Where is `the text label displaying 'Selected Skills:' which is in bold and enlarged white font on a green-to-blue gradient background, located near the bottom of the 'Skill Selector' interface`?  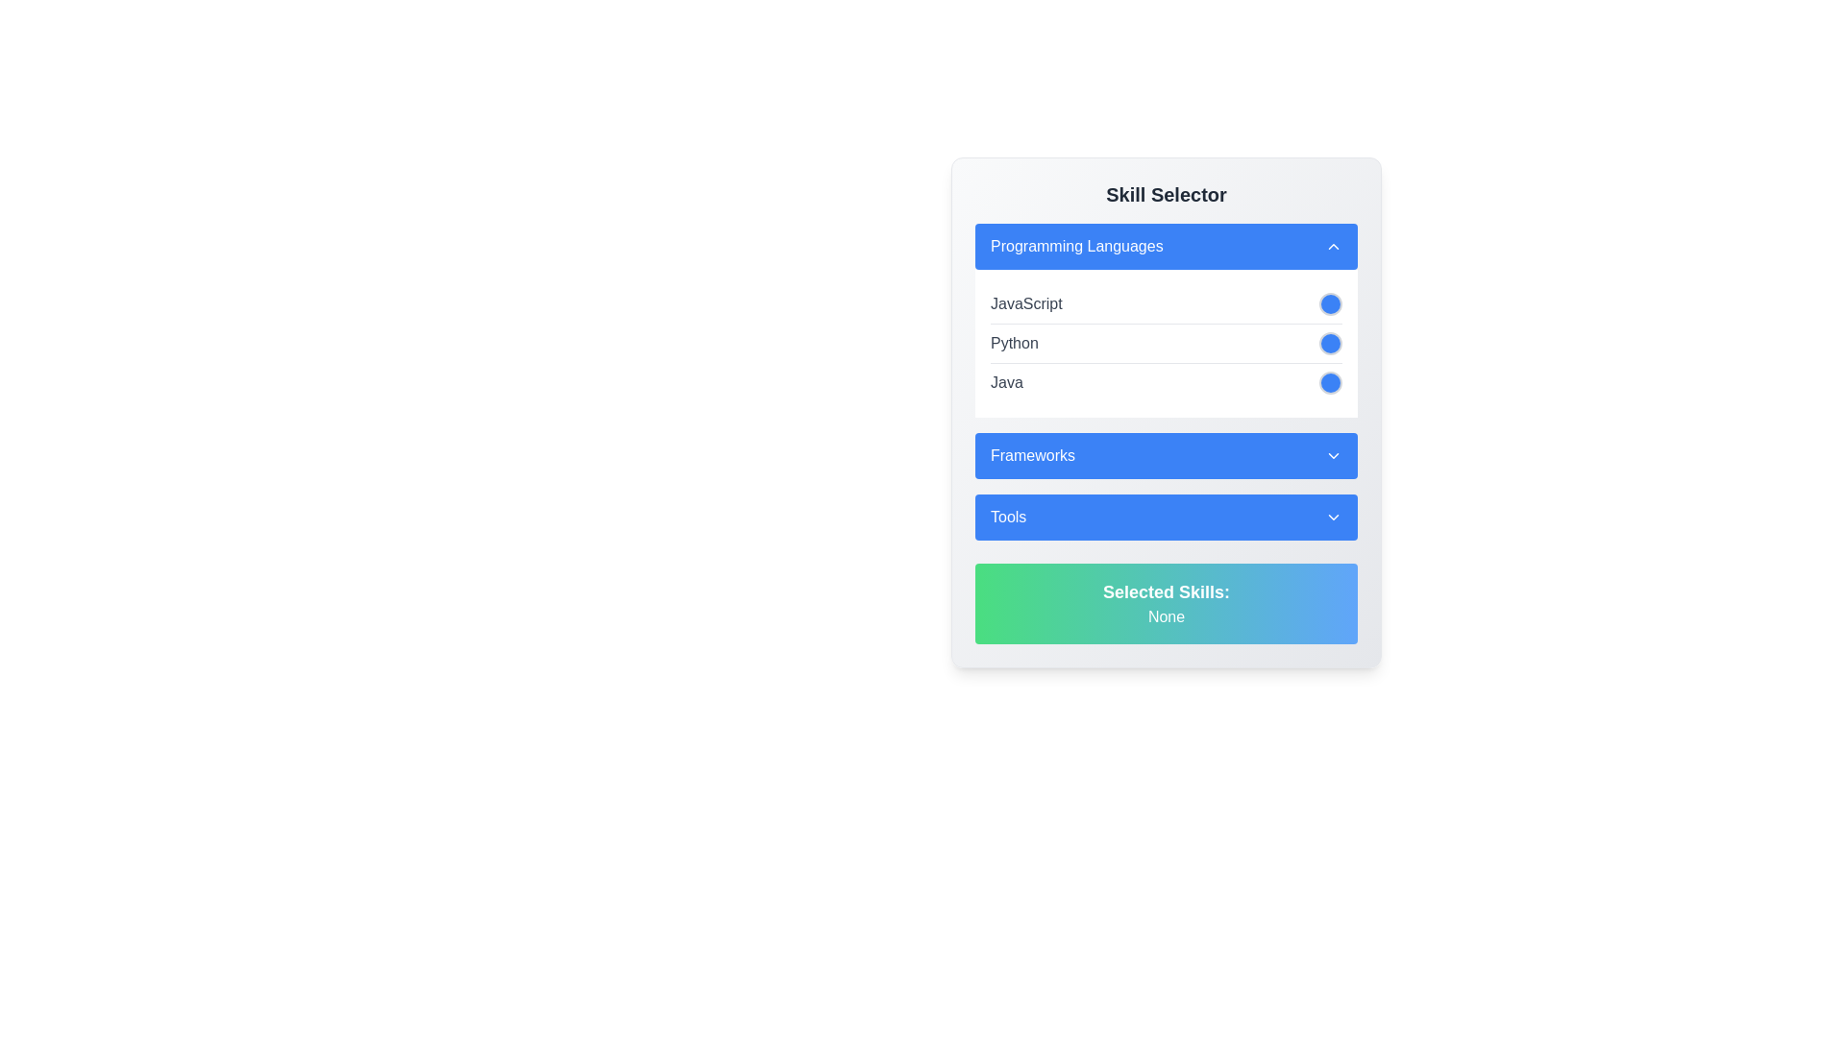
the text label displaying 'Selected Skills:' which is in bold and enlarged white font on a green-to-blue gradient background, located near the bottom of the 'Skill Selector' interface is located at coordinates (1166, 591).